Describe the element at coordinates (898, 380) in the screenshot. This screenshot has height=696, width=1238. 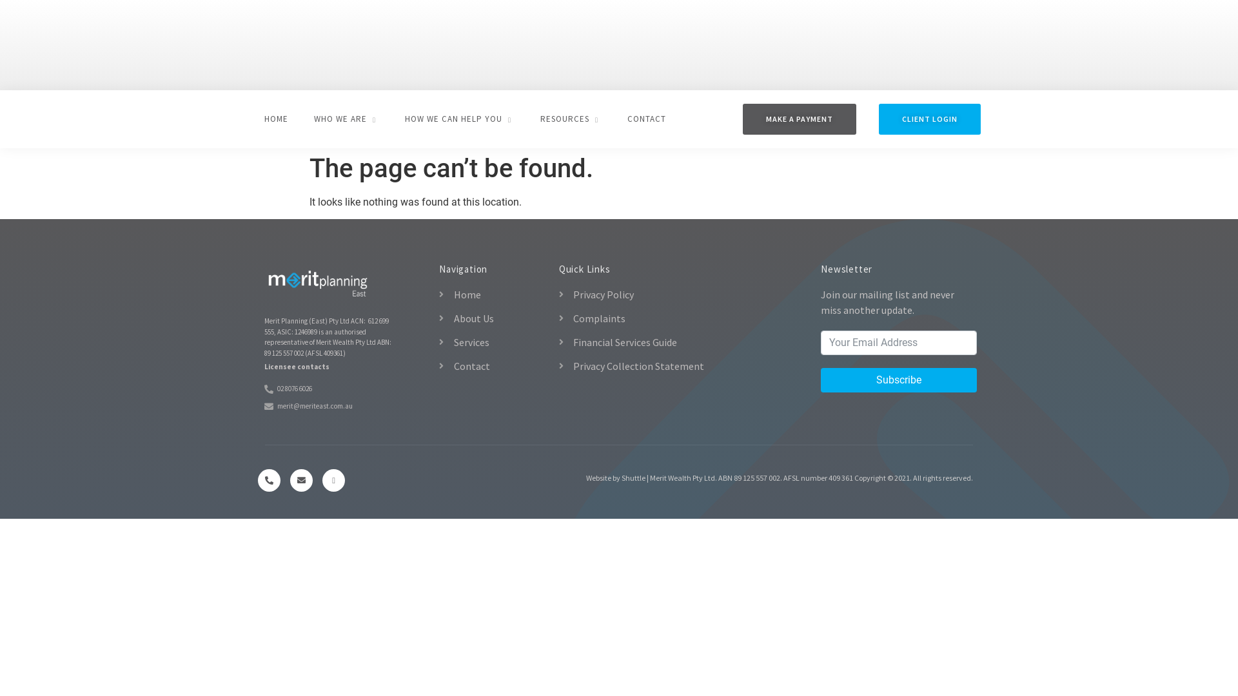
I see `'Subscribe'` at that location.